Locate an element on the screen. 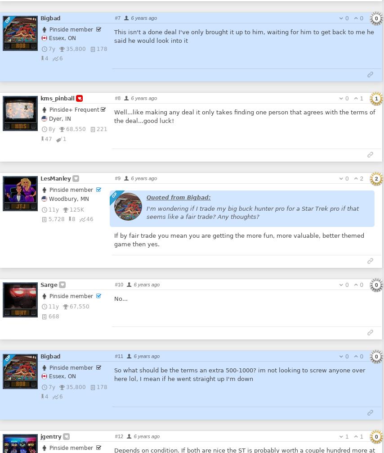  'JTJ' is located at coordinates (21, 206).